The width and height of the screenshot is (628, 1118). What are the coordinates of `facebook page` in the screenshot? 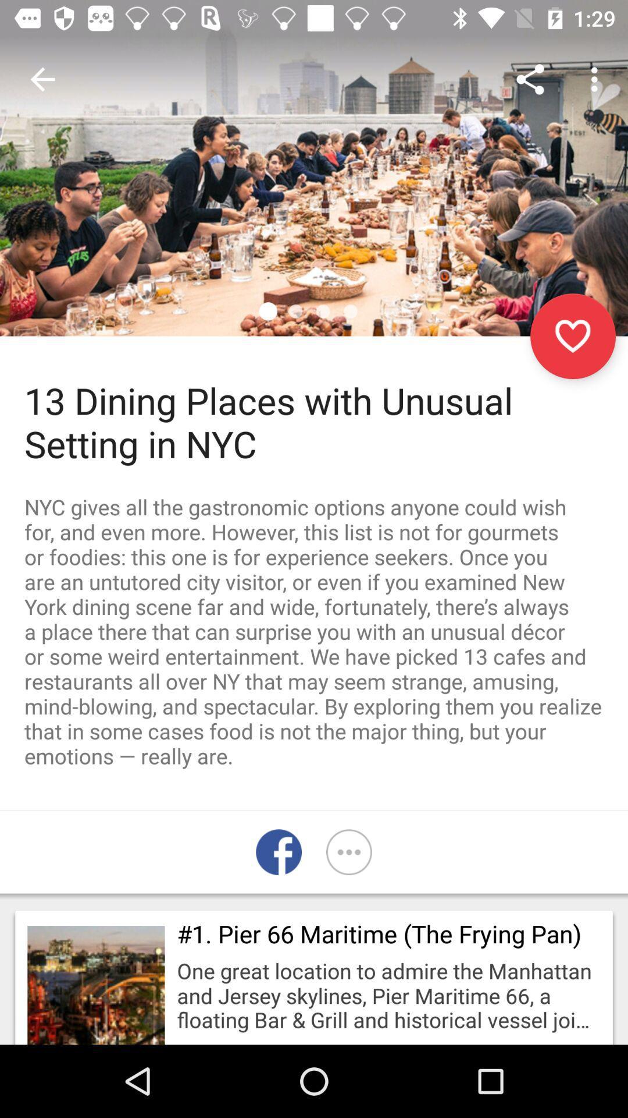 It's located at (279, 852).